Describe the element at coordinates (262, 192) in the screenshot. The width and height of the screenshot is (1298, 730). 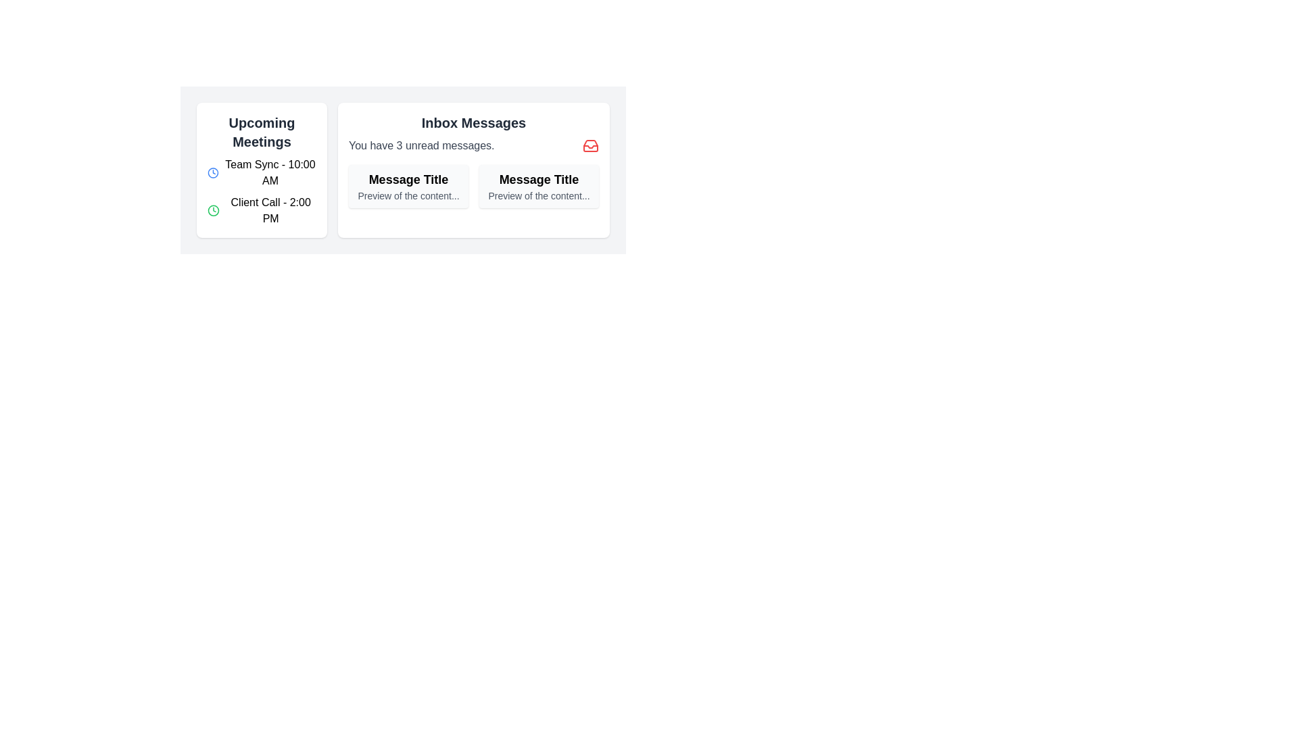
I see `the Informational text block with icons in the 'Upcoming Meetings' section, which displays scheduled meetings and their times` at that location.